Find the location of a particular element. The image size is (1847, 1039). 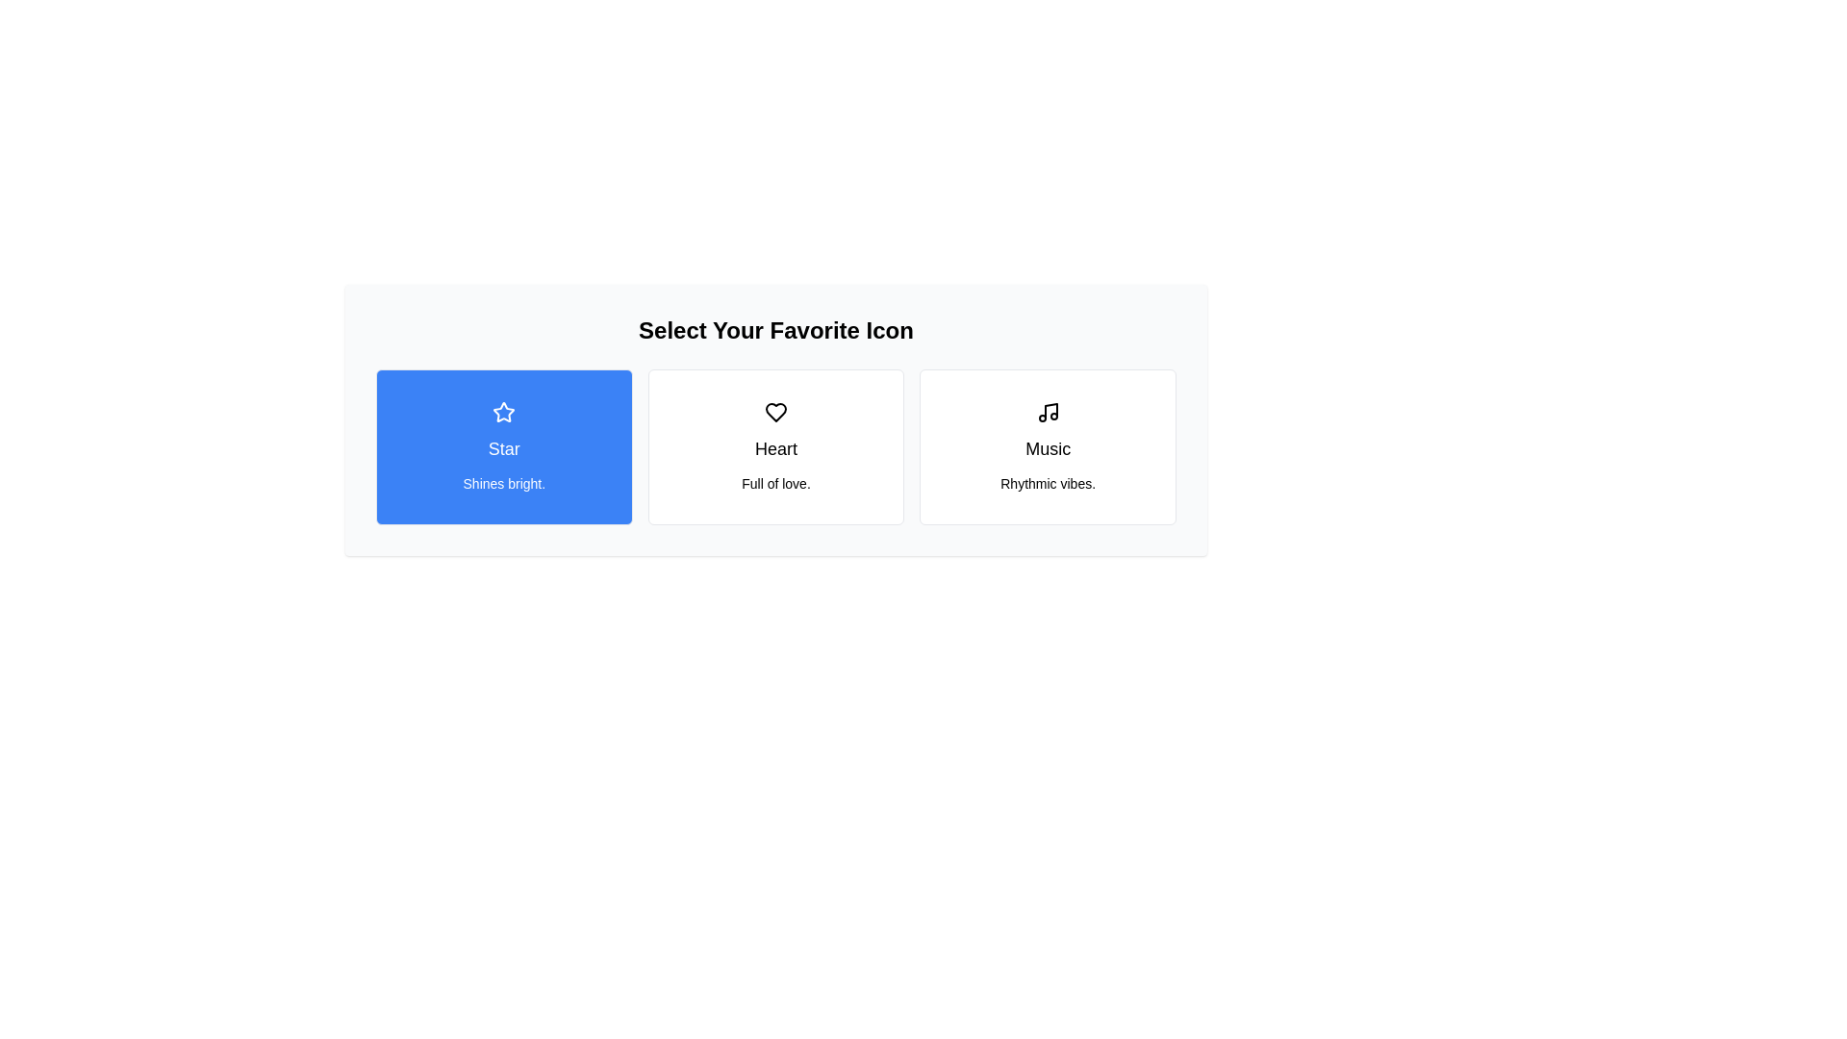

text label that displays the title of the card indicating its content theme, located beneath the music note icon and above the description 'Rhythmic vibes.' in the rightmost card of a horizontally arranged set of three cards is located at coordinates (1047, 448).